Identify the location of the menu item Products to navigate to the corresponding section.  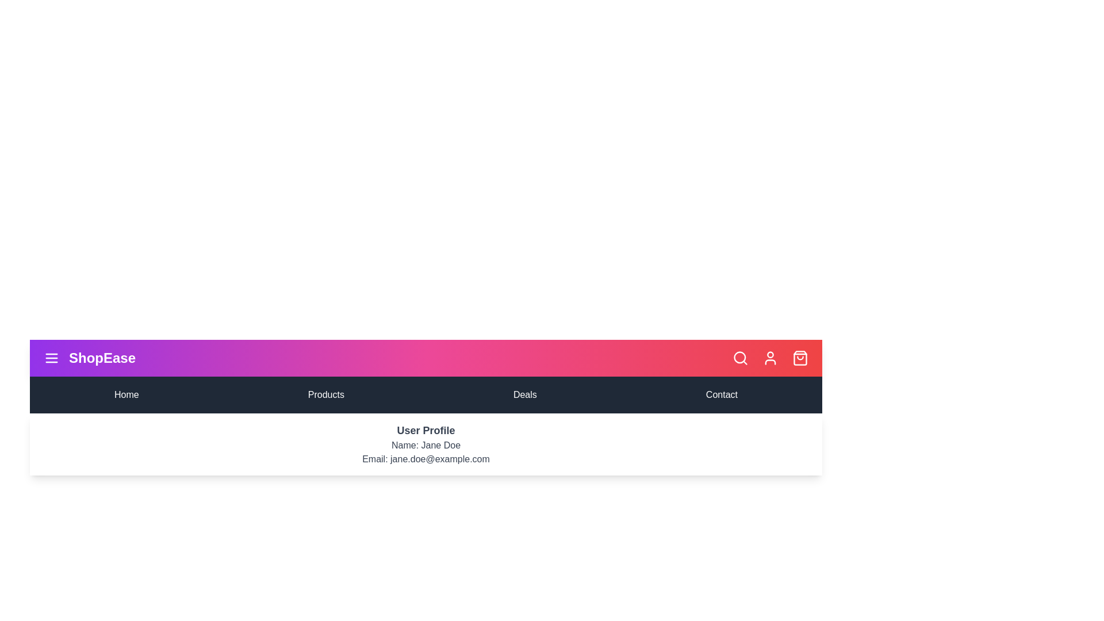
(325, 394).